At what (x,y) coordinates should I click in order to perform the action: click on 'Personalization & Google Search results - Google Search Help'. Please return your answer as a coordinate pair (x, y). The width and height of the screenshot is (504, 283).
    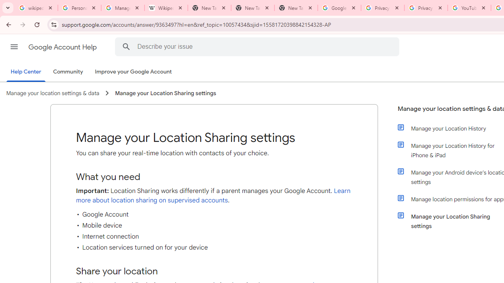
    Looking at the image, I should click on (80, 8).